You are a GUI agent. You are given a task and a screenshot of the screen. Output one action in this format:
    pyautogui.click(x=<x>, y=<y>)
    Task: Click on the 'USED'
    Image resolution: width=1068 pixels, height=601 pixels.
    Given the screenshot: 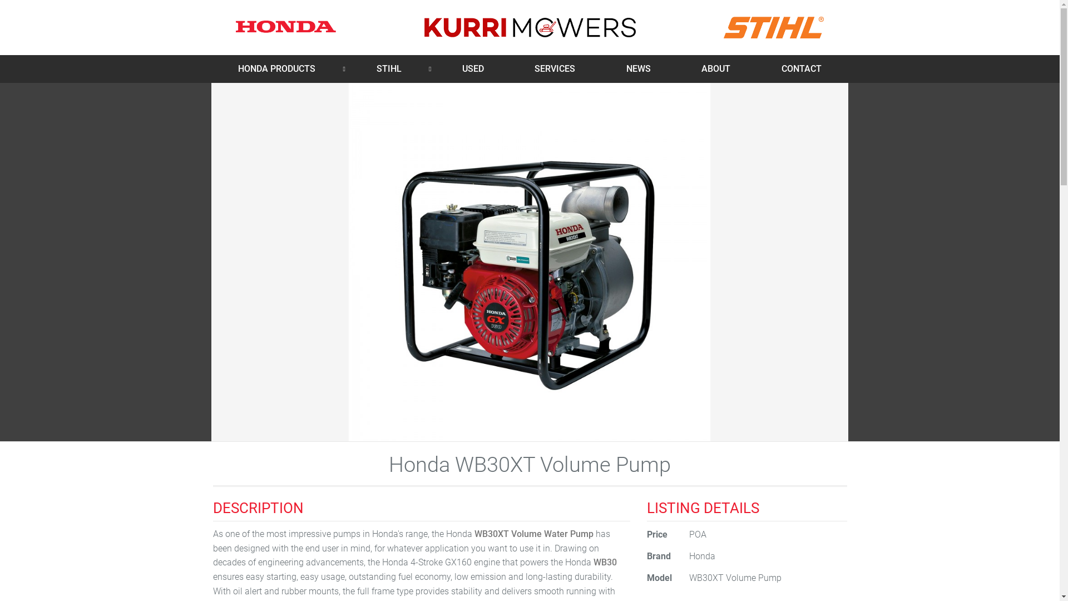 What is the action you would take?
    pyautogui.click(x=473, y=68)
    